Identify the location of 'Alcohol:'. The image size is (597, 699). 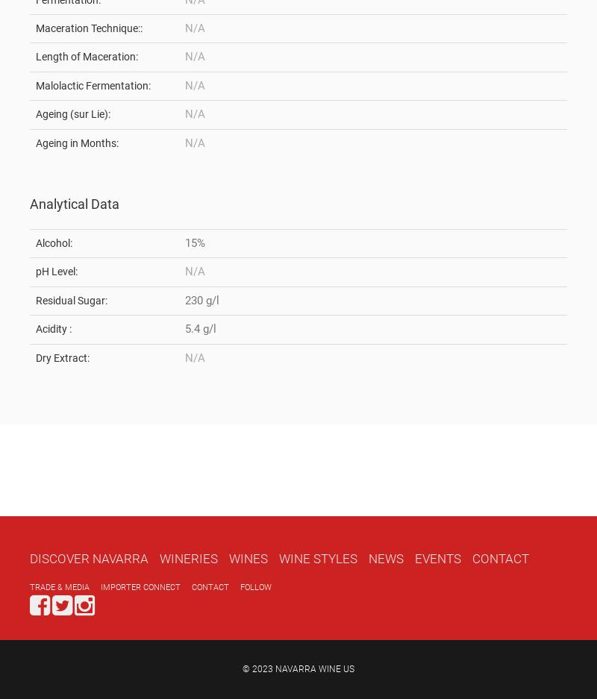
(35, 242).